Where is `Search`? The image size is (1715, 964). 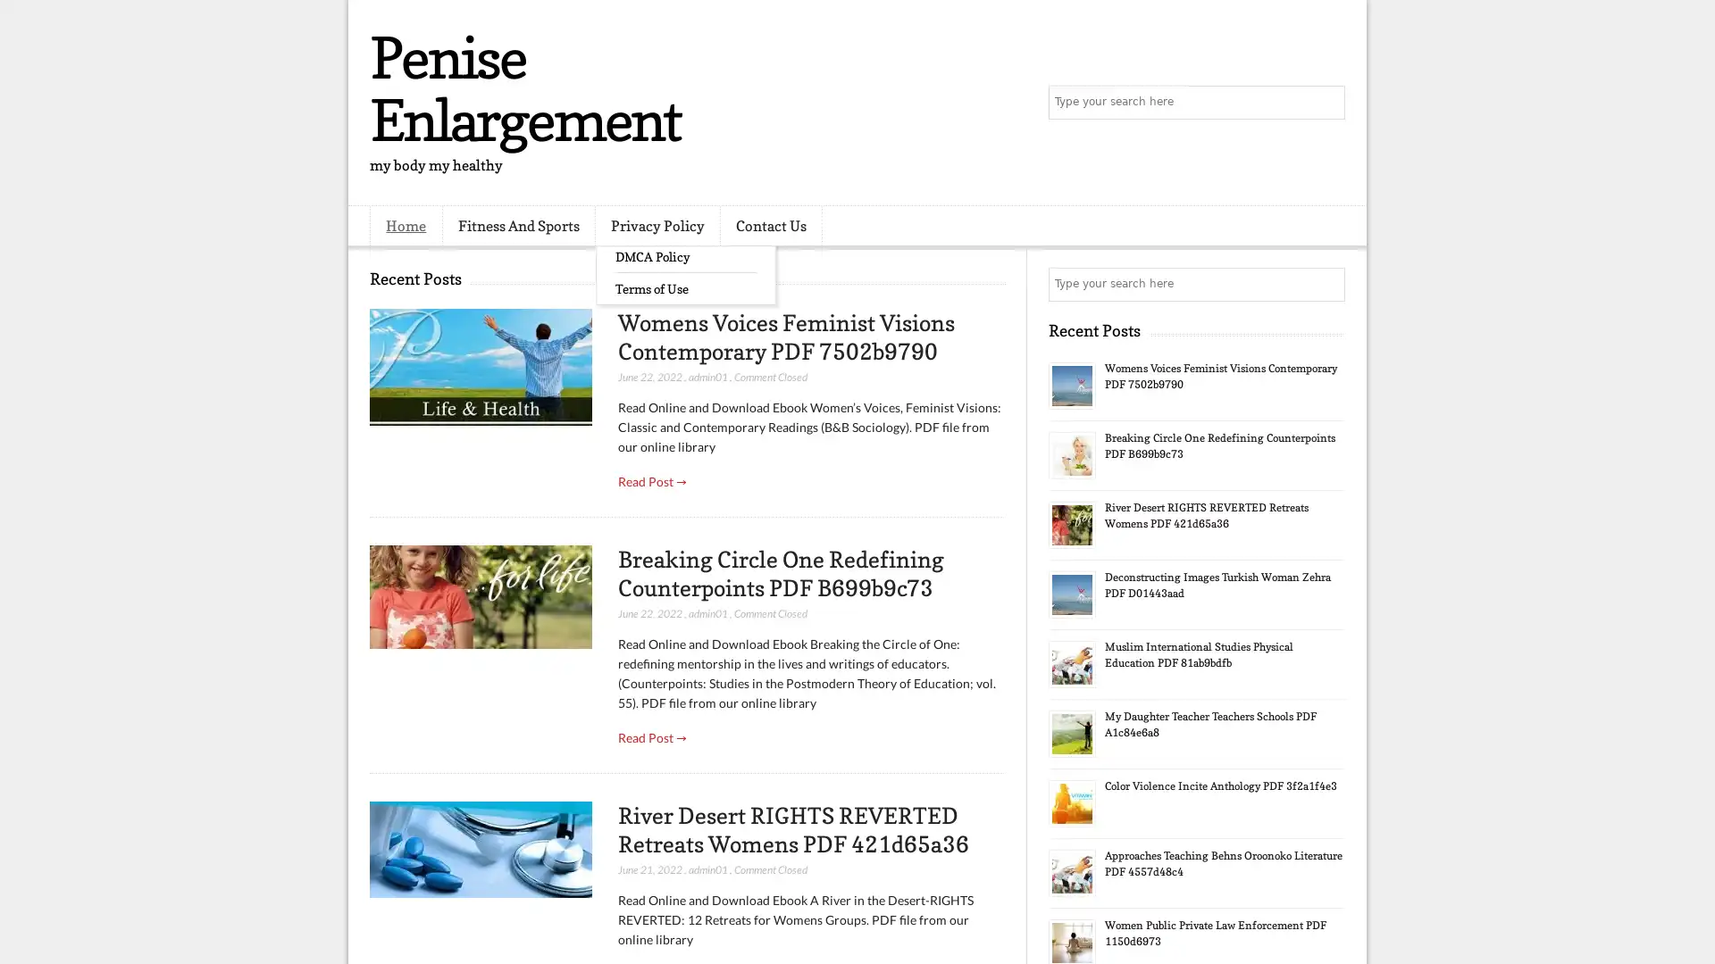
Search is located at coordinates (1326, 103).